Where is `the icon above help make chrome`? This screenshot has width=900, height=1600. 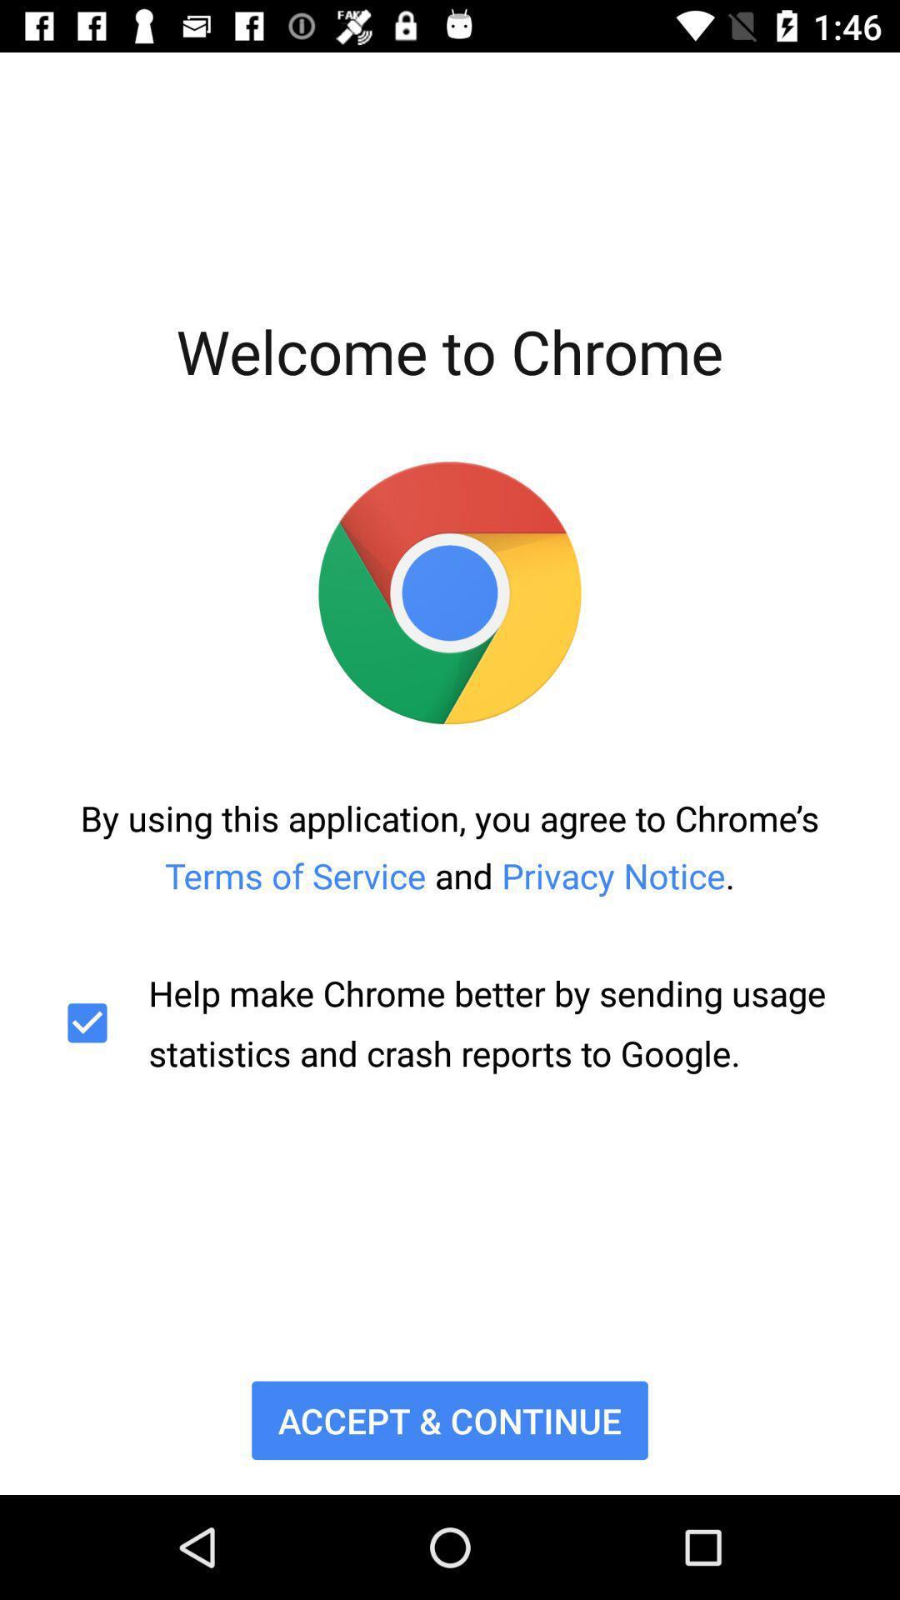
the icon above help make chrome is located at coordinates (450, 847).